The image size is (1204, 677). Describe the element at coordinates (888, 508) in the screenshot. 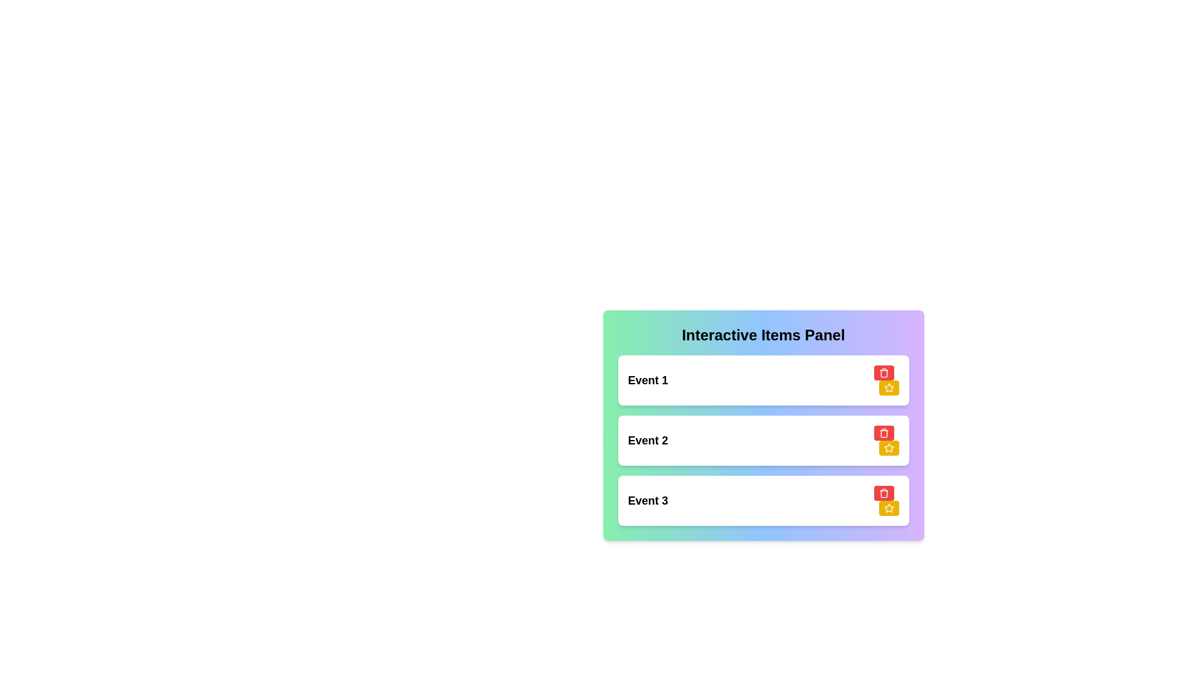

I see `the icon button with a yellow background that marks or rates 'Event 2' as a favorite` at that location.